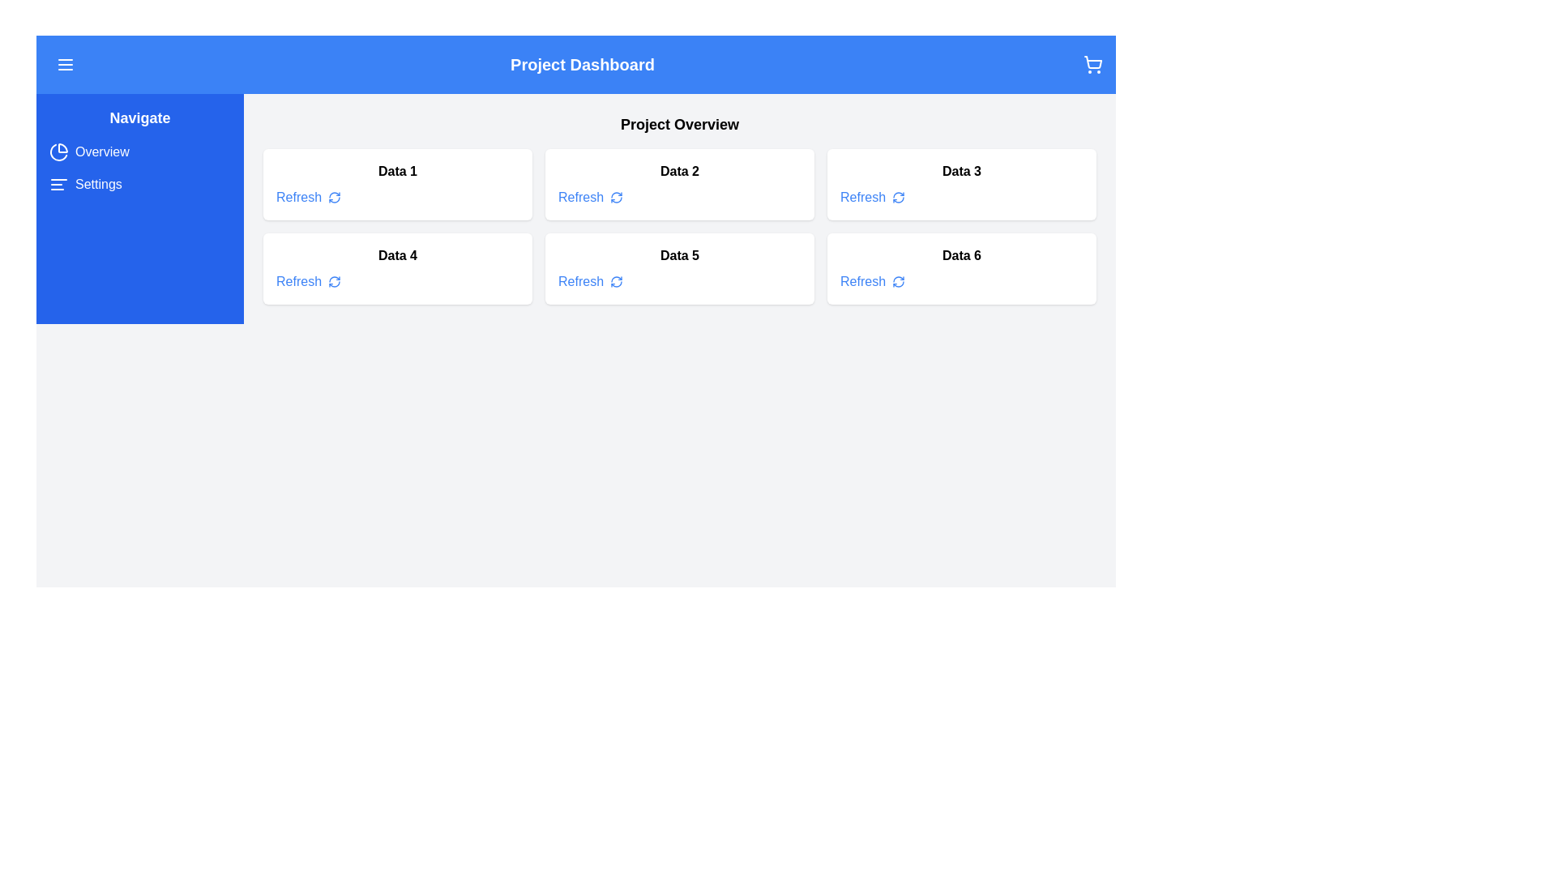  I want to click on the circular arrow icon representing the refresh action next to the text 'Refresh' in the row for 'Data 5', so click(616, 280).